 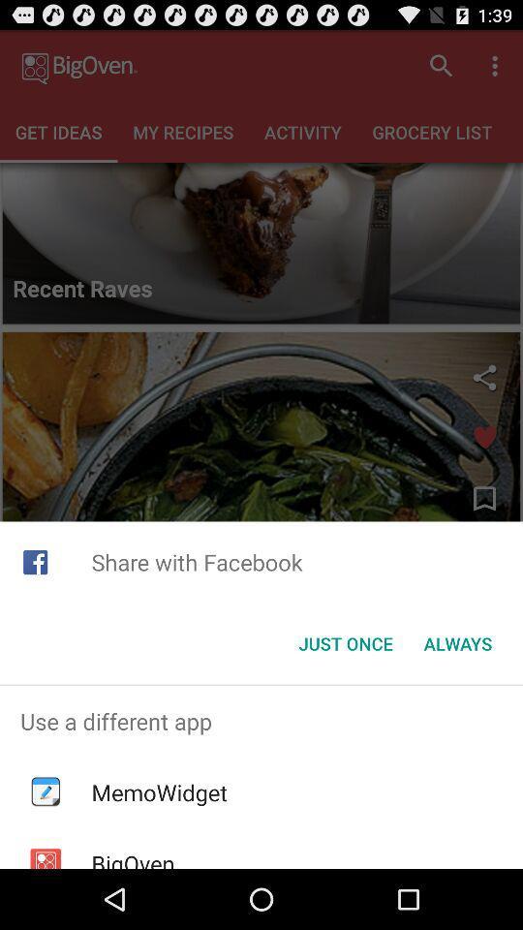 What do you see at coordinates (261, 720) in the screenshot?
I see `use a different icon` at bounding box center [261, 720].